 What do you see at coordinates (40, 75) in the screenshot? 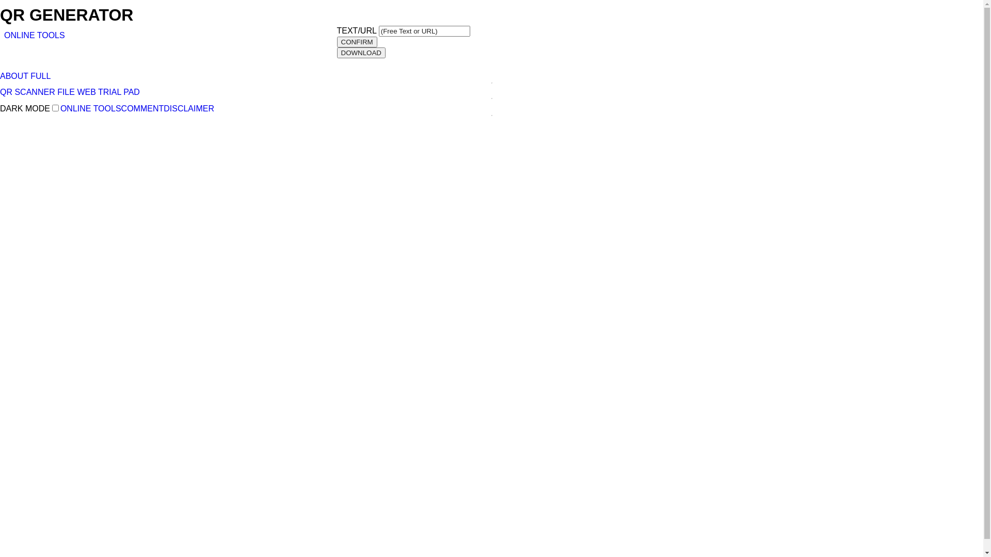
I see `'FULL'` at bounding box center [40, 75].